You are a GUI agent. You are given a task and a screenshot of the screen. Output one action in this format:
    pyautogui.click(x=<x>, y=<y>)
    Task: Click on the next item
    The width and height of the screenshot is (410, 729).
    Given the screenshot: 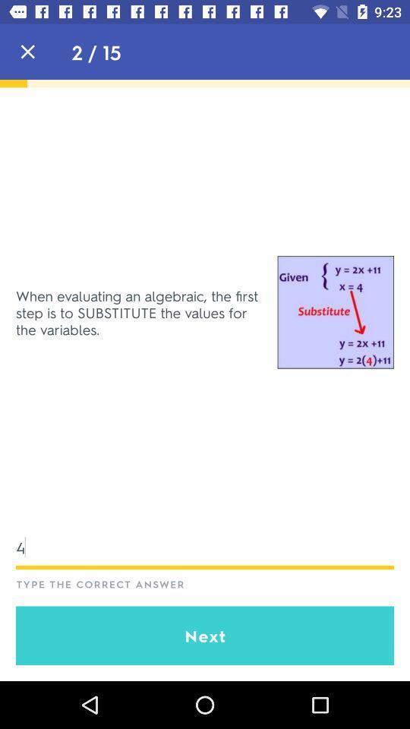 What is the action you would take?
    pyautogui.click(x=205, y=636)
    